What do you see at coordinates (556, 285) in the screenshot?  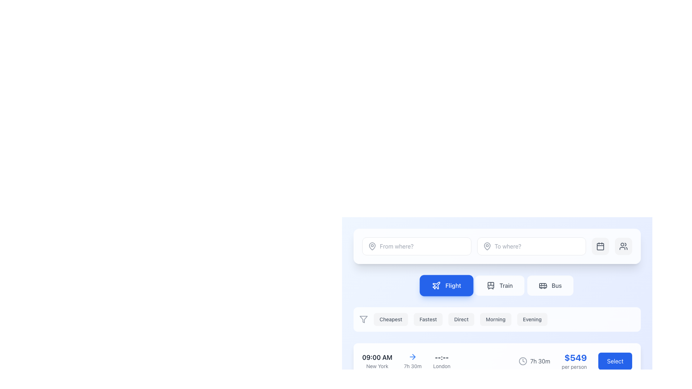 I see `the 'Bus' text label in the navigation bar` at bounding box center [556, 285].